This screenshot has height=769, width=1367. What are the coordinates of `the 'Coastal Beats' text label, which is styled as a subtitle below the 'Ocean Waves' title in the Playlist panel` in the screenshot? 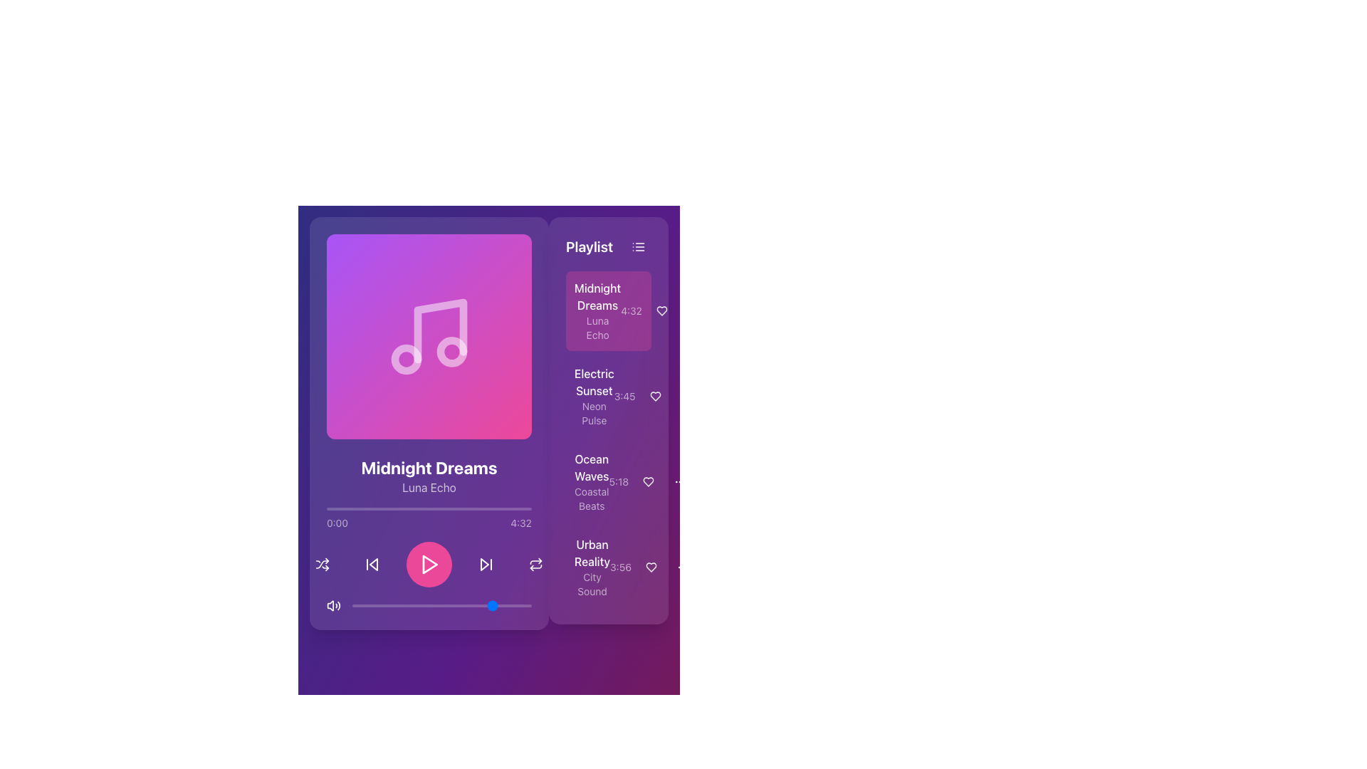 It's located at (592, 498).